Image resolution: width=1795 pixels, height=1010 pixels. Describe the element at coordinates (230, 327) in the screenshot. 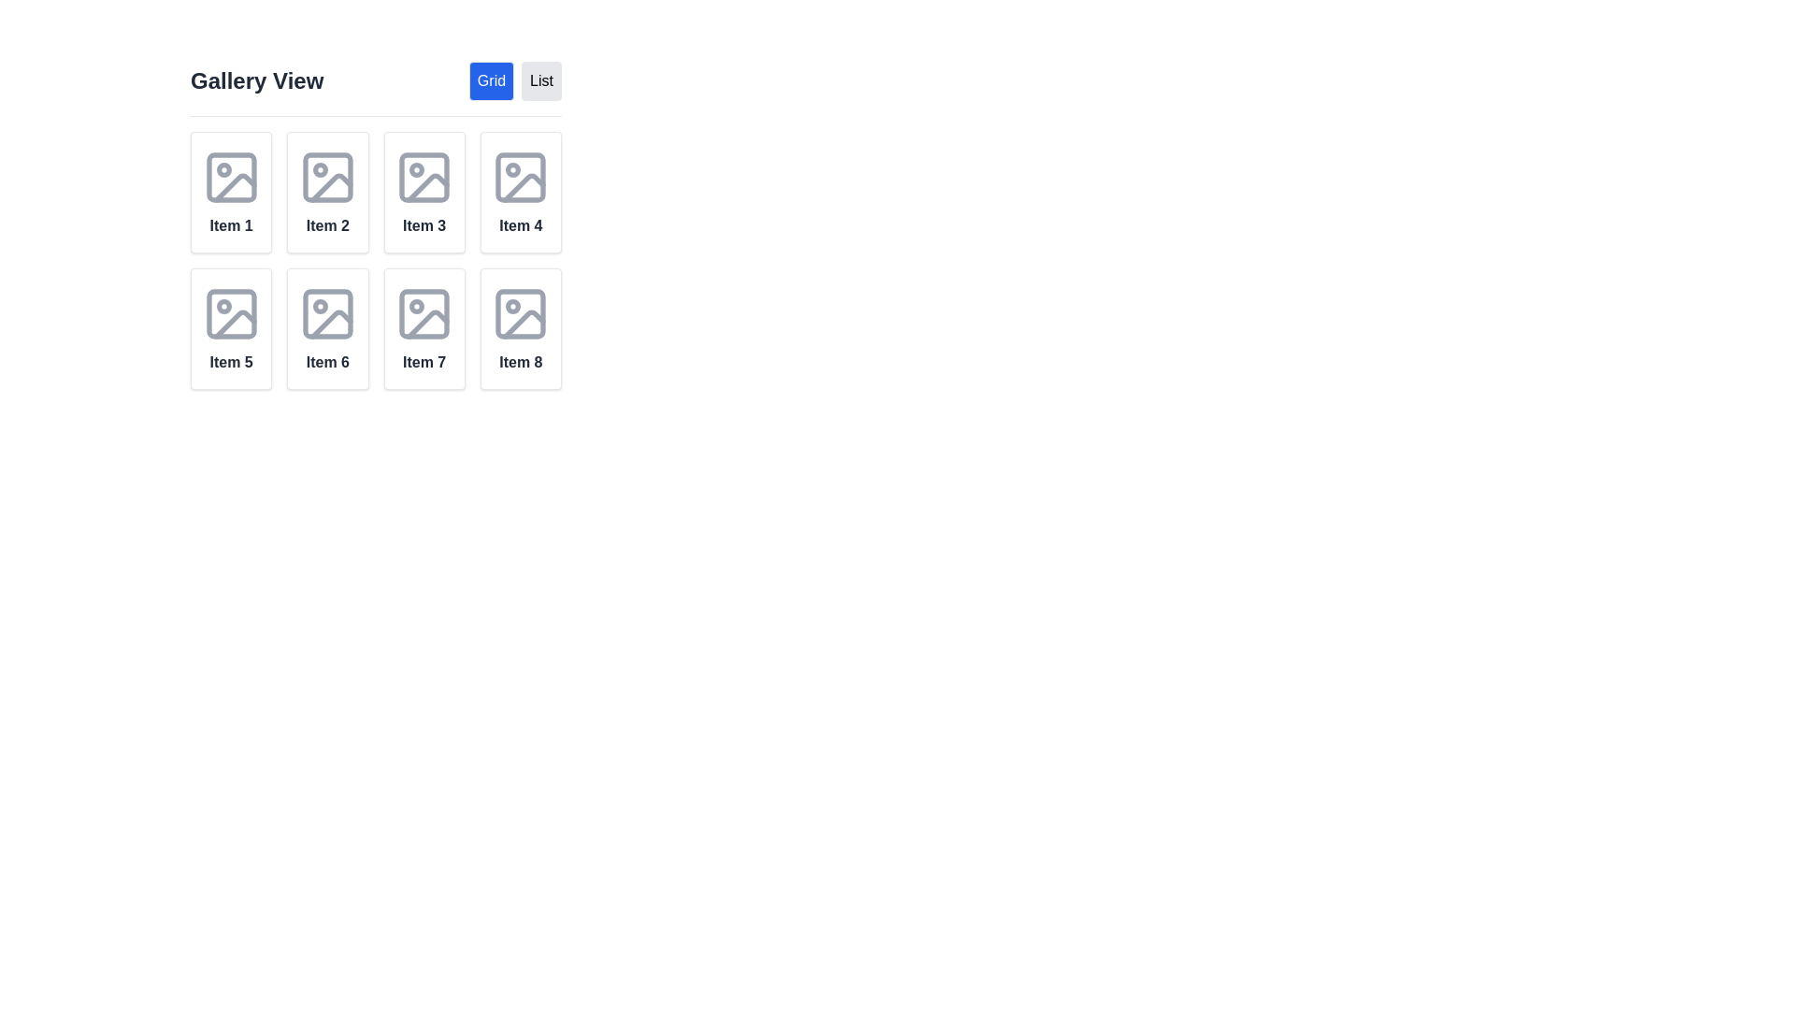

I see `the fifth gallery item in the grid layout under the 'Gallery View' title` at that location.